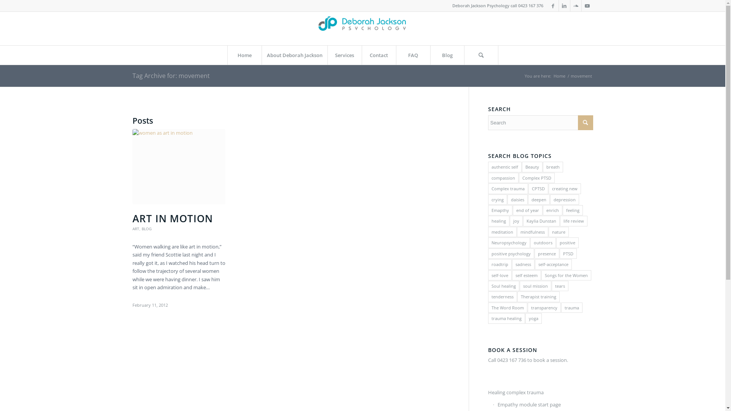 The image size is (731, 411). What do you see at coordinates (567, 242) in the screenshot?
I see `'positive'` at bounding box center [567, 242].